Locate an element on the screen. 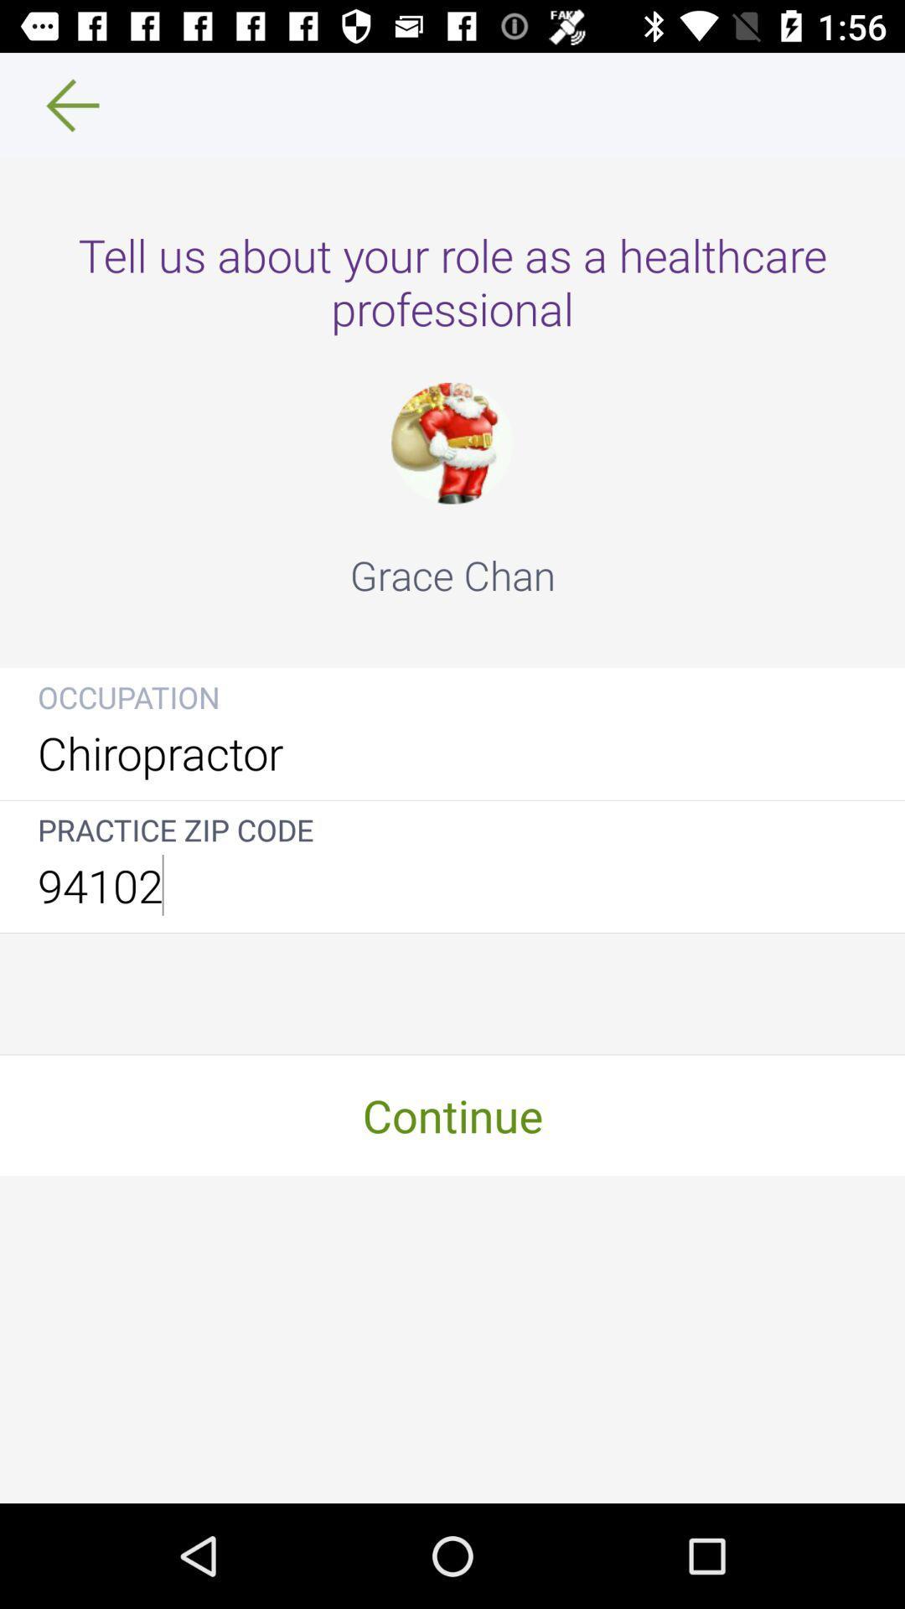  the avatar icon is located at coordinates (451, 443).